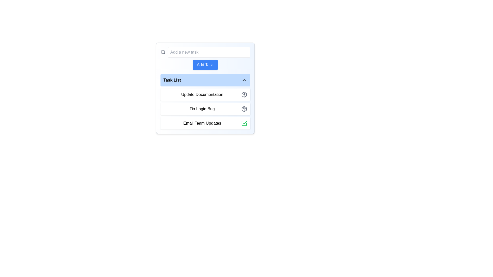 Image resolution: width=493 pixels, height=277 pixels. I want to click on the gray three-dimensional cube icon, which is located in the 'Fix Login Bug' section of the task list, so click(244, 95).